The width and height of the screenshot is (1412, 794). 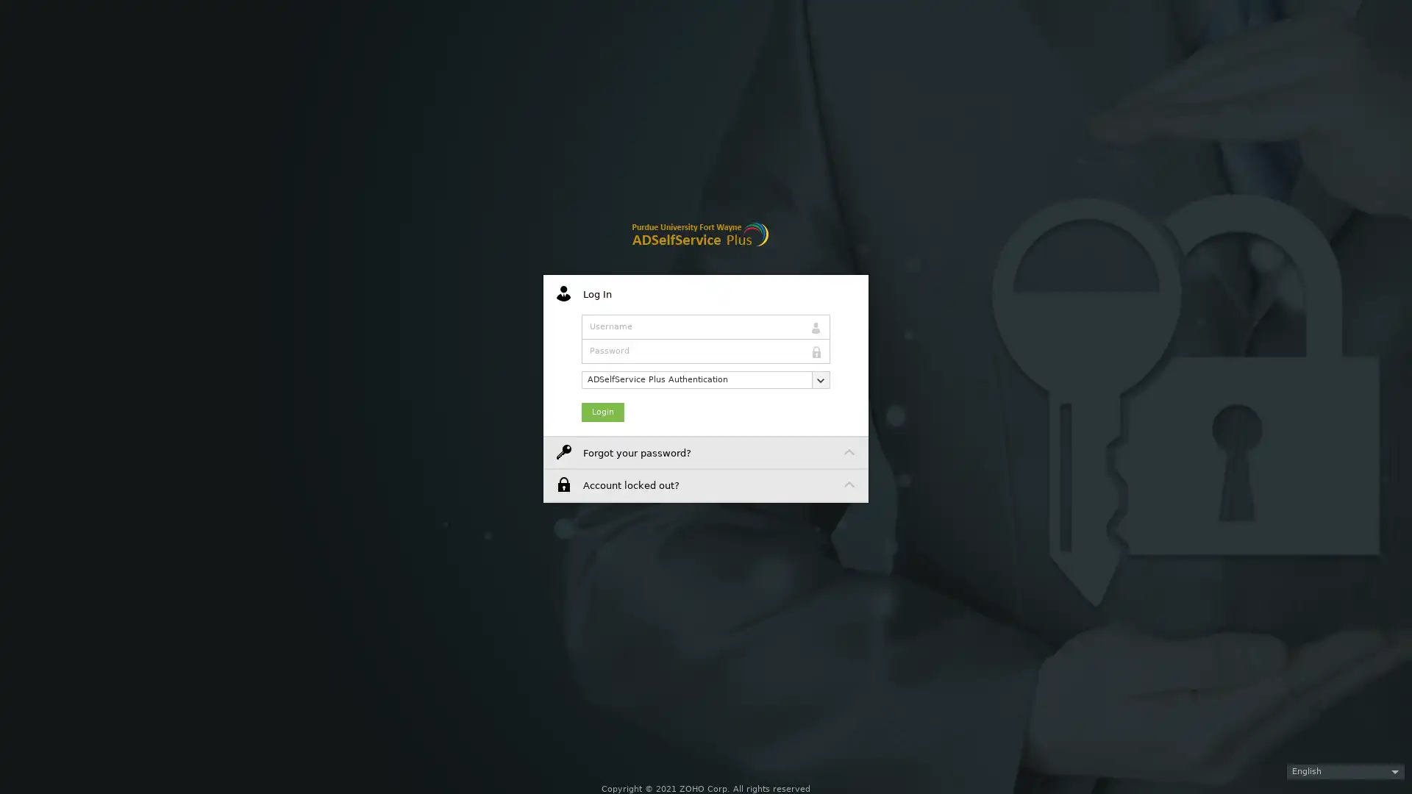 What do you see at coordinates (706, 379) in the screenshot?
I see `ADSelfService Plus Authentication` at bounding box center [706, 379].